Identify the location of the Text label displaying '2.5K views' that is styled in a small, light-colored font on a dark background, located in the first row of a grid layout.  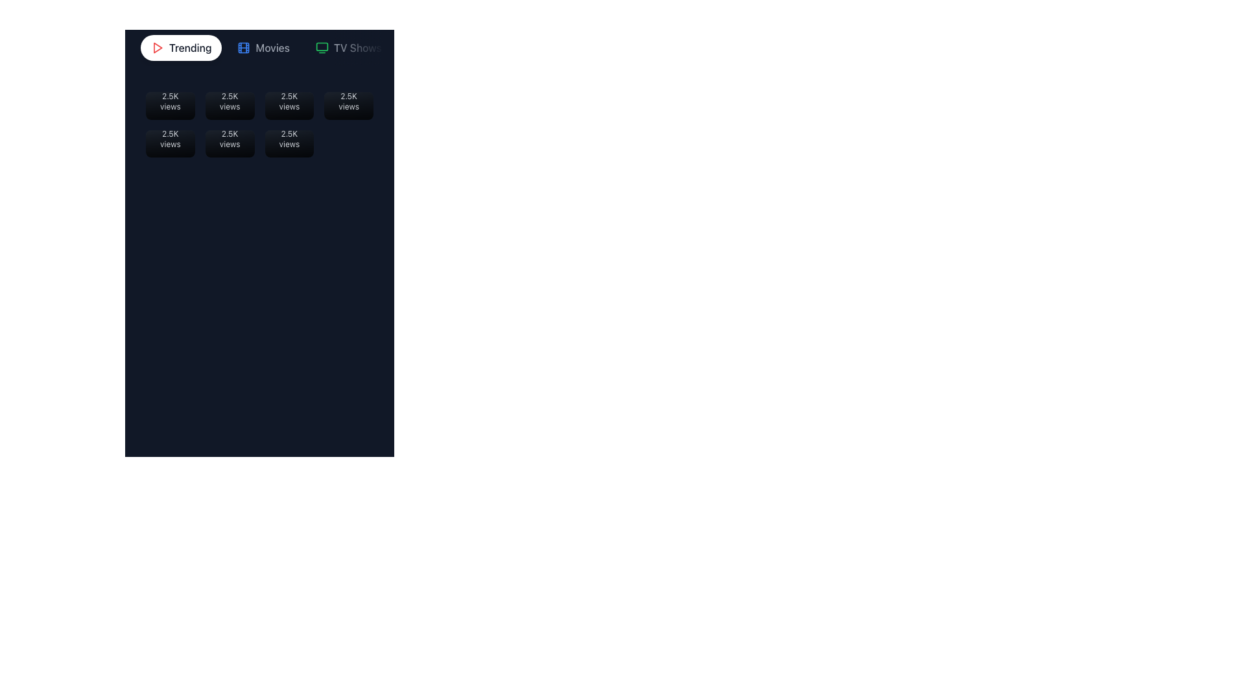
(169, 105).